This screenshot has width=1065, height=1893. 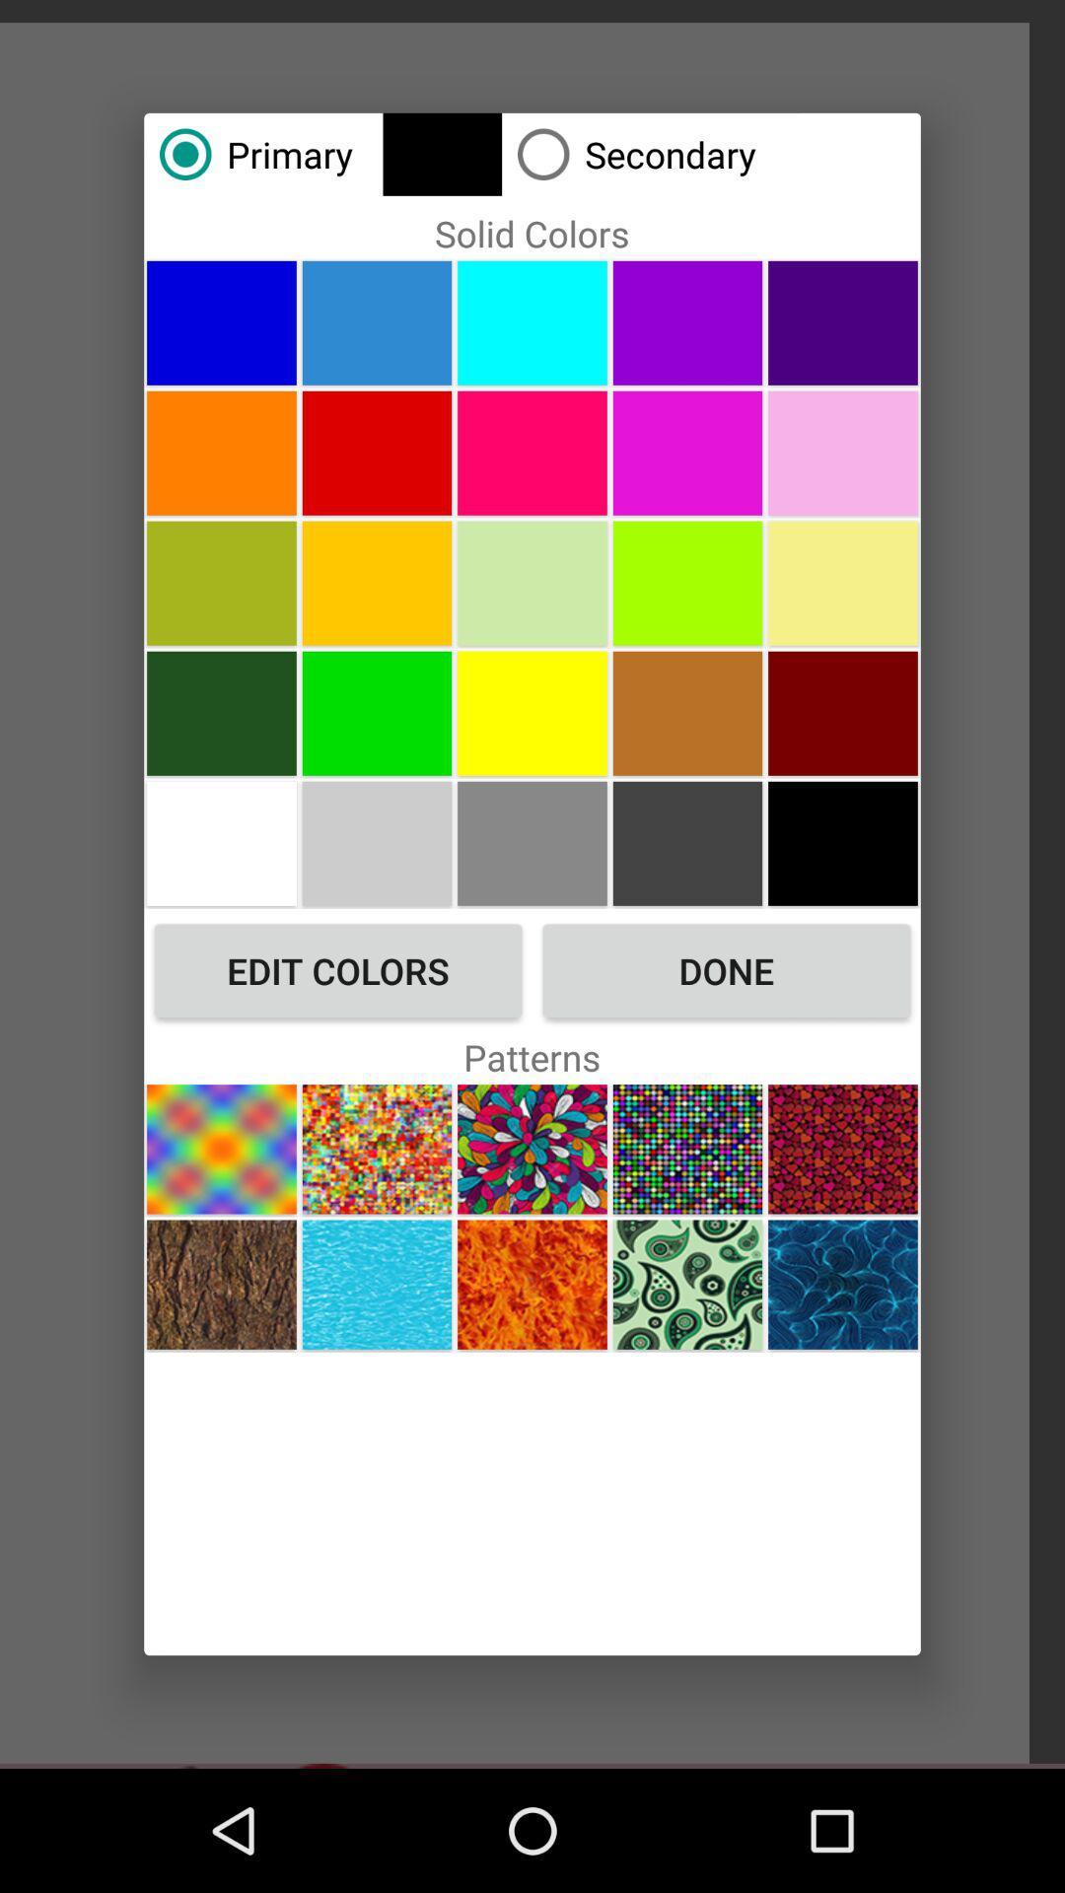 I want to click on pattern, so click(x=532, y=1285).